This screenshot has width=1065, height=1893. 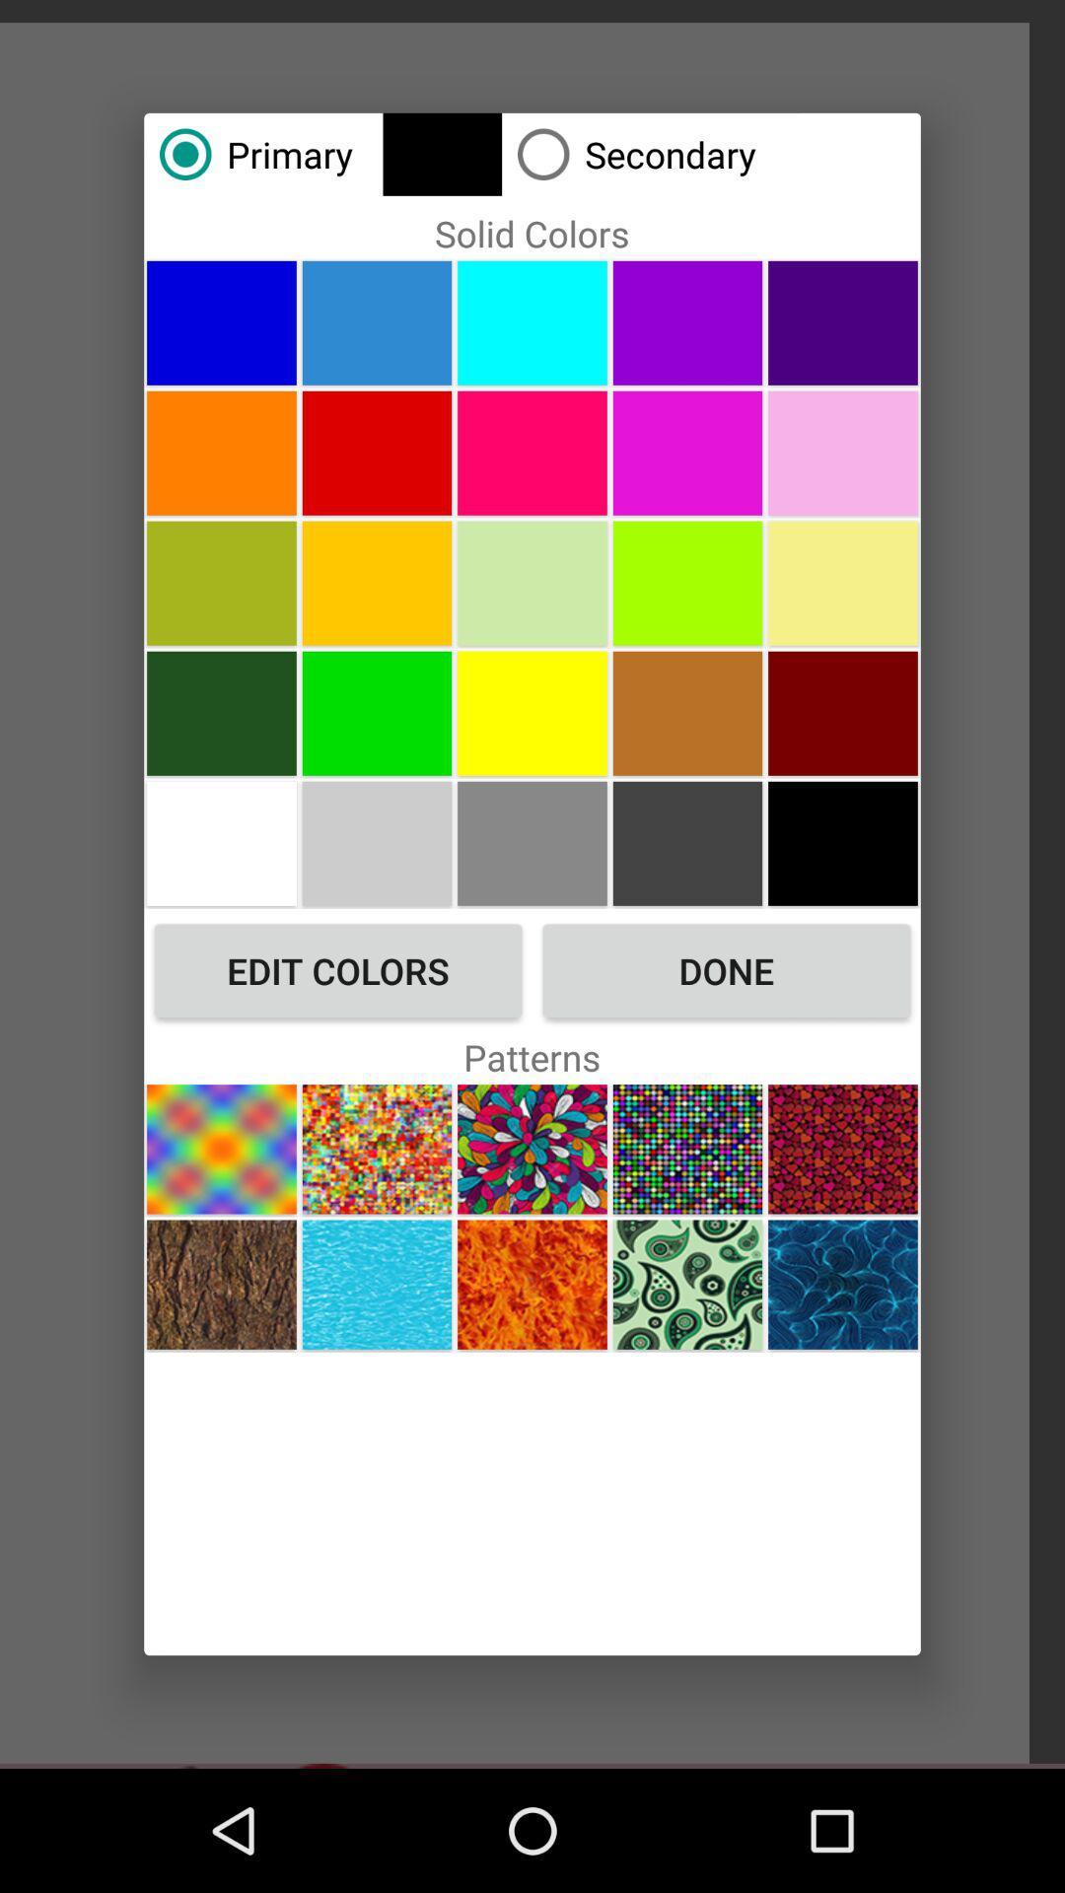 I want to click on pattern, so click(x=532, y=1285).